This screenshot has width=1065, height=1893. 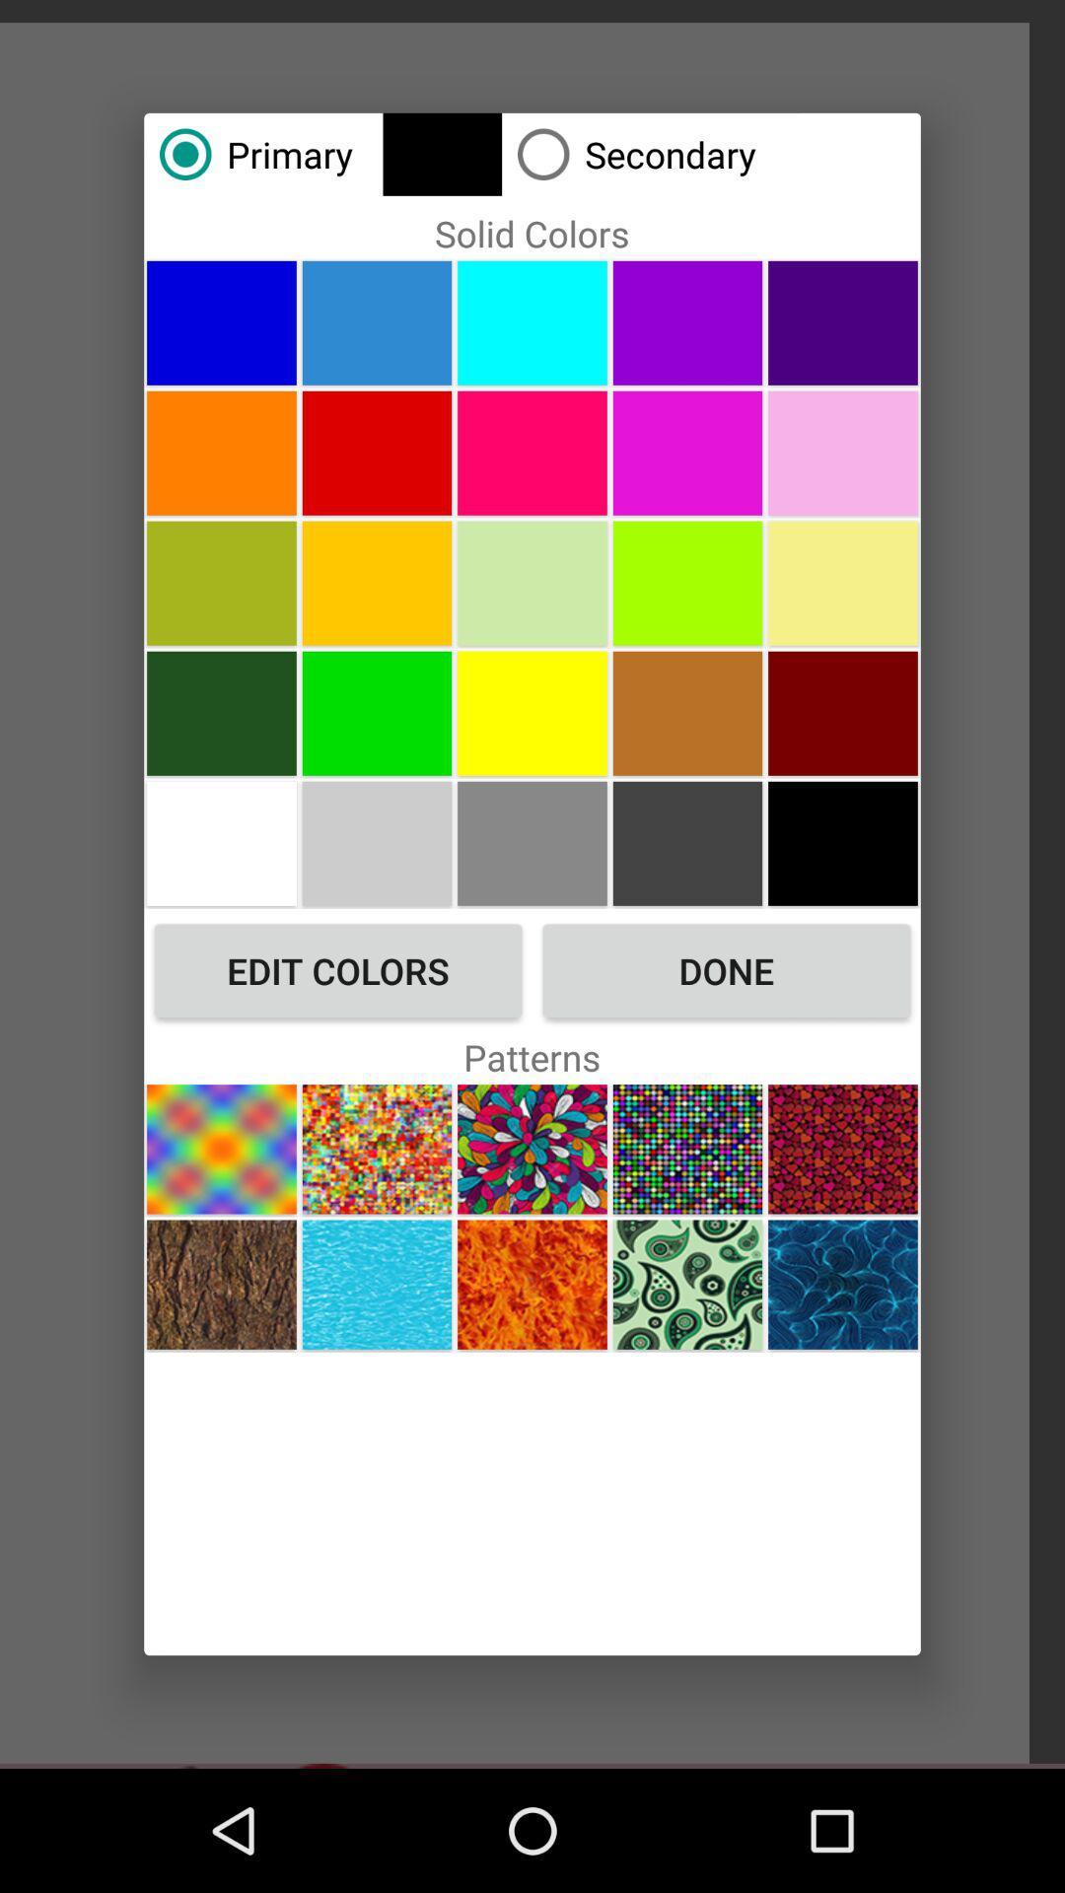 I want to click on pattern, so click(x=532, y=1285).